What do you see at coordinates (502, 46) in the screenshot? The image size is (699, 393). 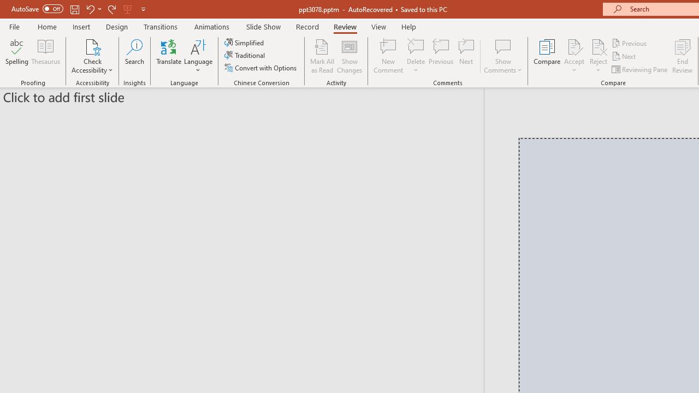 I see `'Show Comments'` at bounding box center [502, 46].